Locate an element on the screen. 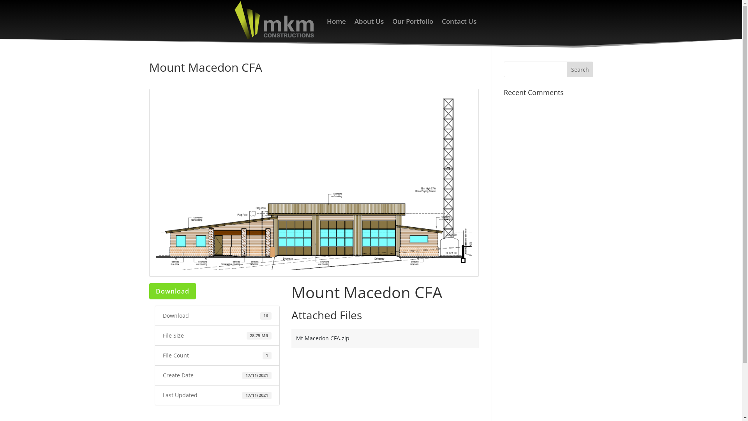 This screenshot has height=421, width=748. 'Search' is located at coordinates (580, 69).